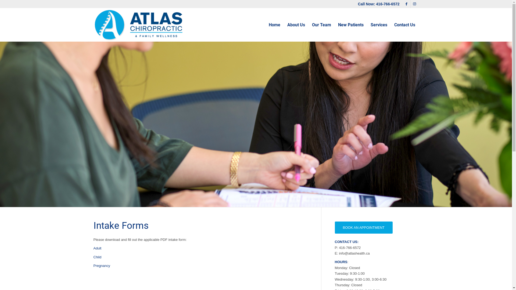  What do you see at coordinates (296, 25) in the screenshot?
I see `'About Us'` at bounding box center [296, 25].